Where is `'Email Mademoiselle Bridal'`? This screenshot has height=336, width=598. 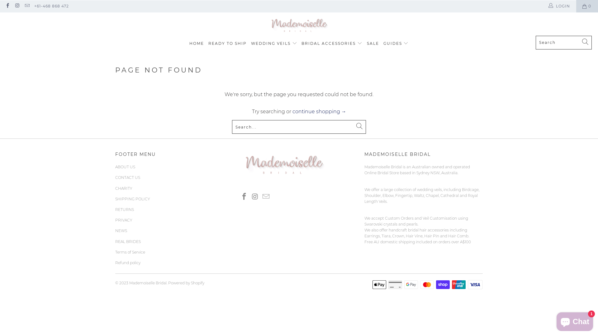
'Email Mademoiselle Bridal' is located at coordinates (266, 197).